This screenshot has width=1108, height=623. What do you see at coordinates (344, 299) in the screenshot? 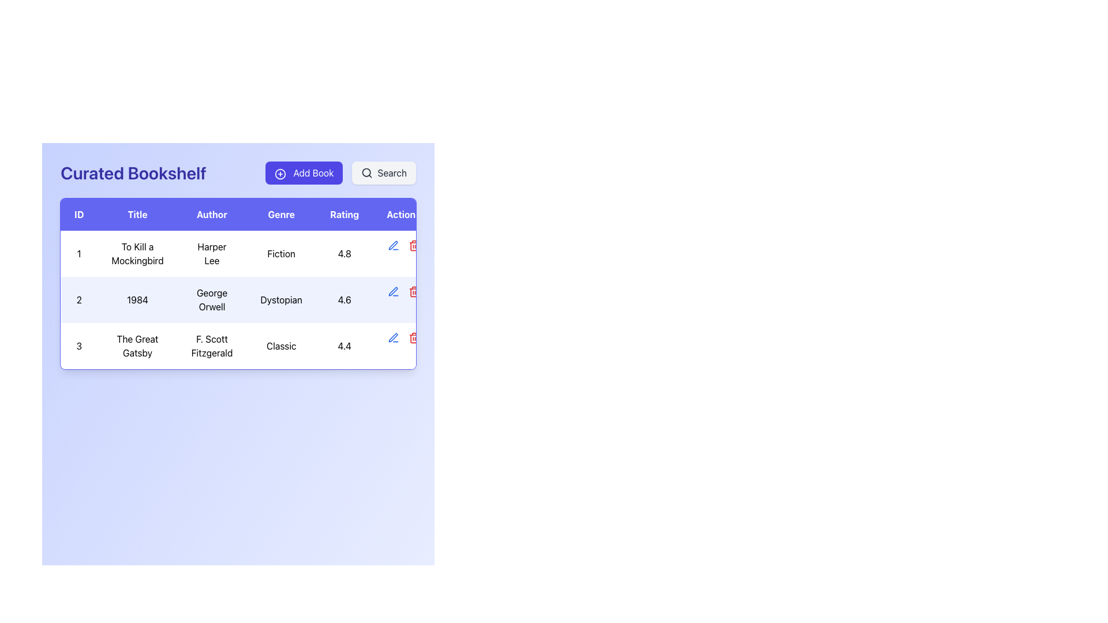
I see `numeric value '4.6' displayed in bold under the 'Rating' column in the second row of the data table` at bounding box center [344, 299].